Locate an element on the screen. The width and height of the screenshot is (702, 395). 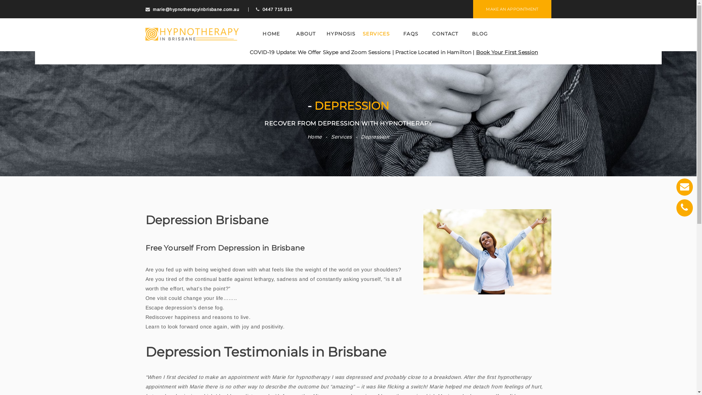
'ABOUT' is located at coordinates (306, 34).